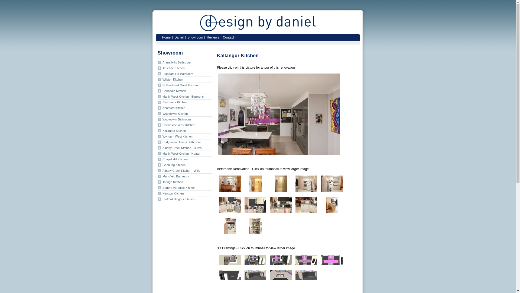 The height and width of the screenshot is (293, 520). I want to click on 'Manly West Kitchen - Bouwens', so click(184, 96).